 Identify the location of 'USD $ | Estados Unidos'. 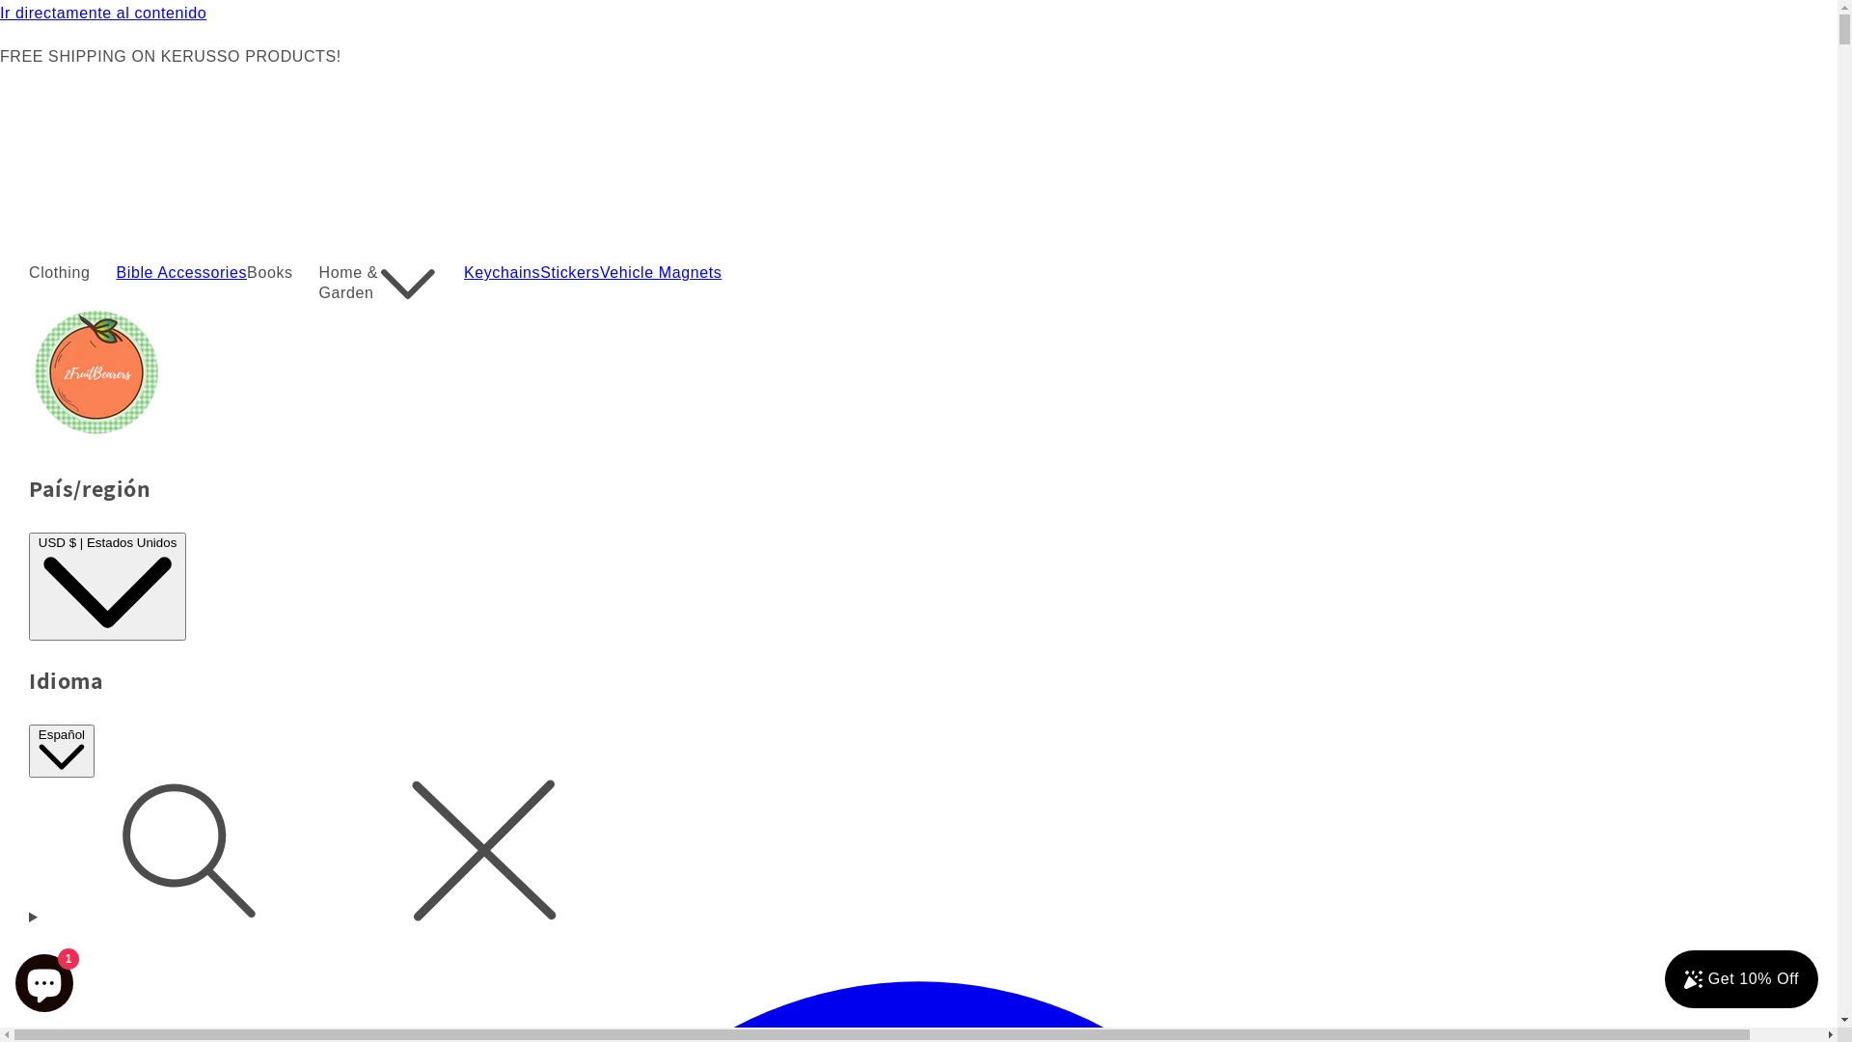
(106, 586).